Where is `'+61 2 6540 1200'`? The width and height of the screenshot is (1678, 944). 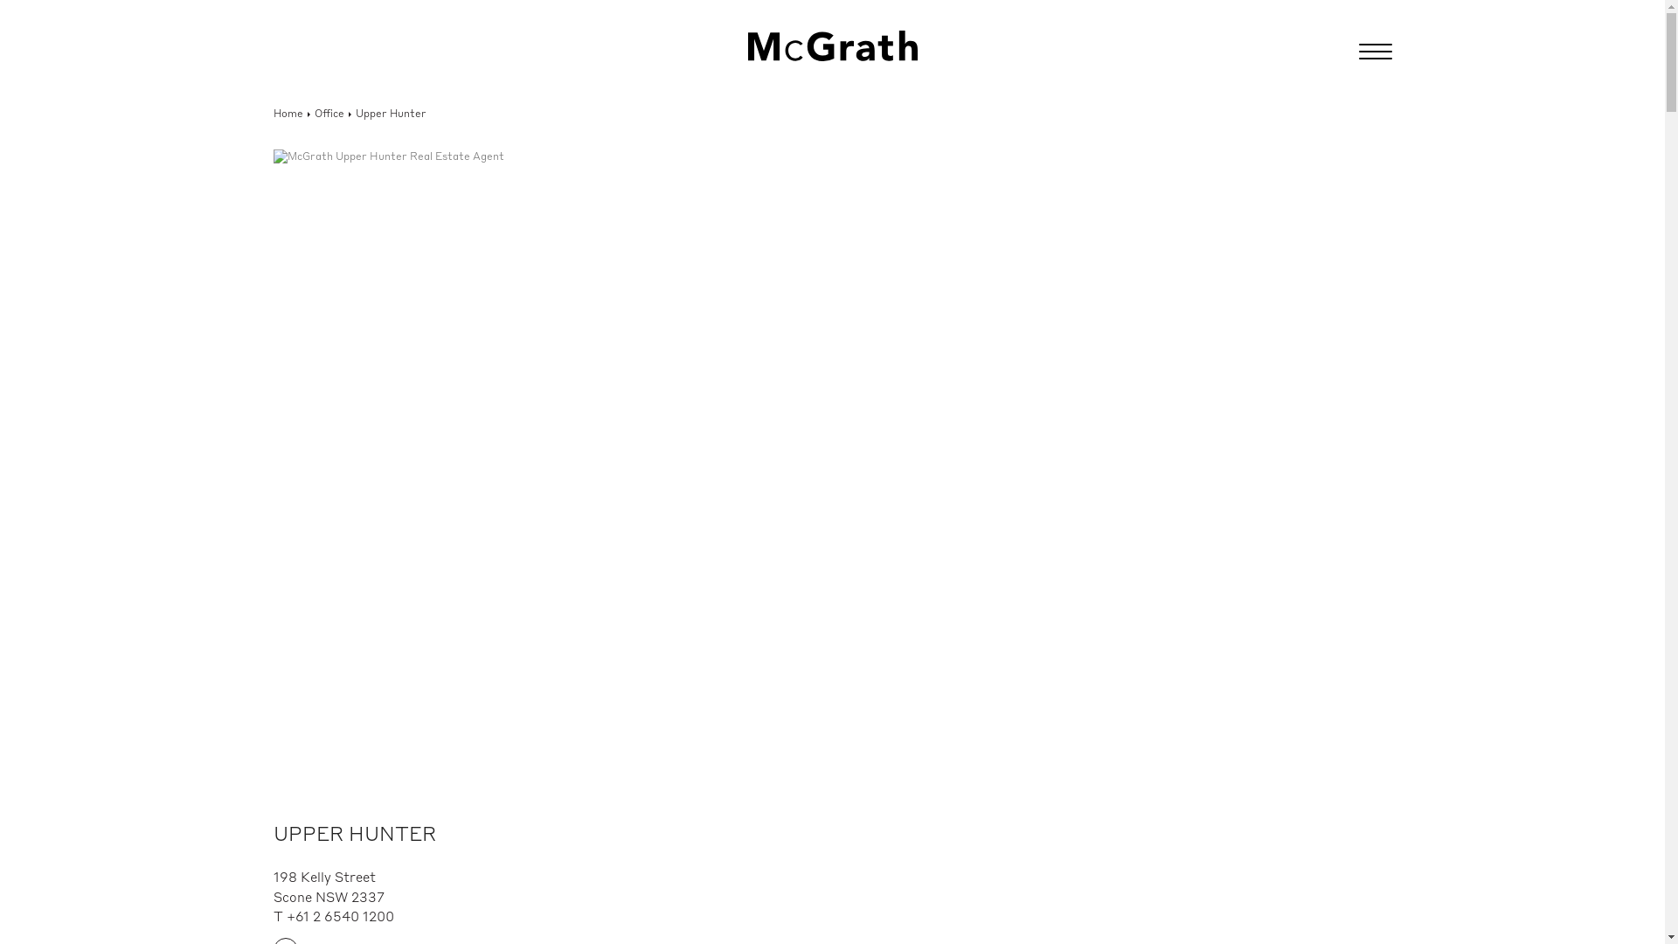 '+61 2 6540 1200' is located at coordinates (340, 917).